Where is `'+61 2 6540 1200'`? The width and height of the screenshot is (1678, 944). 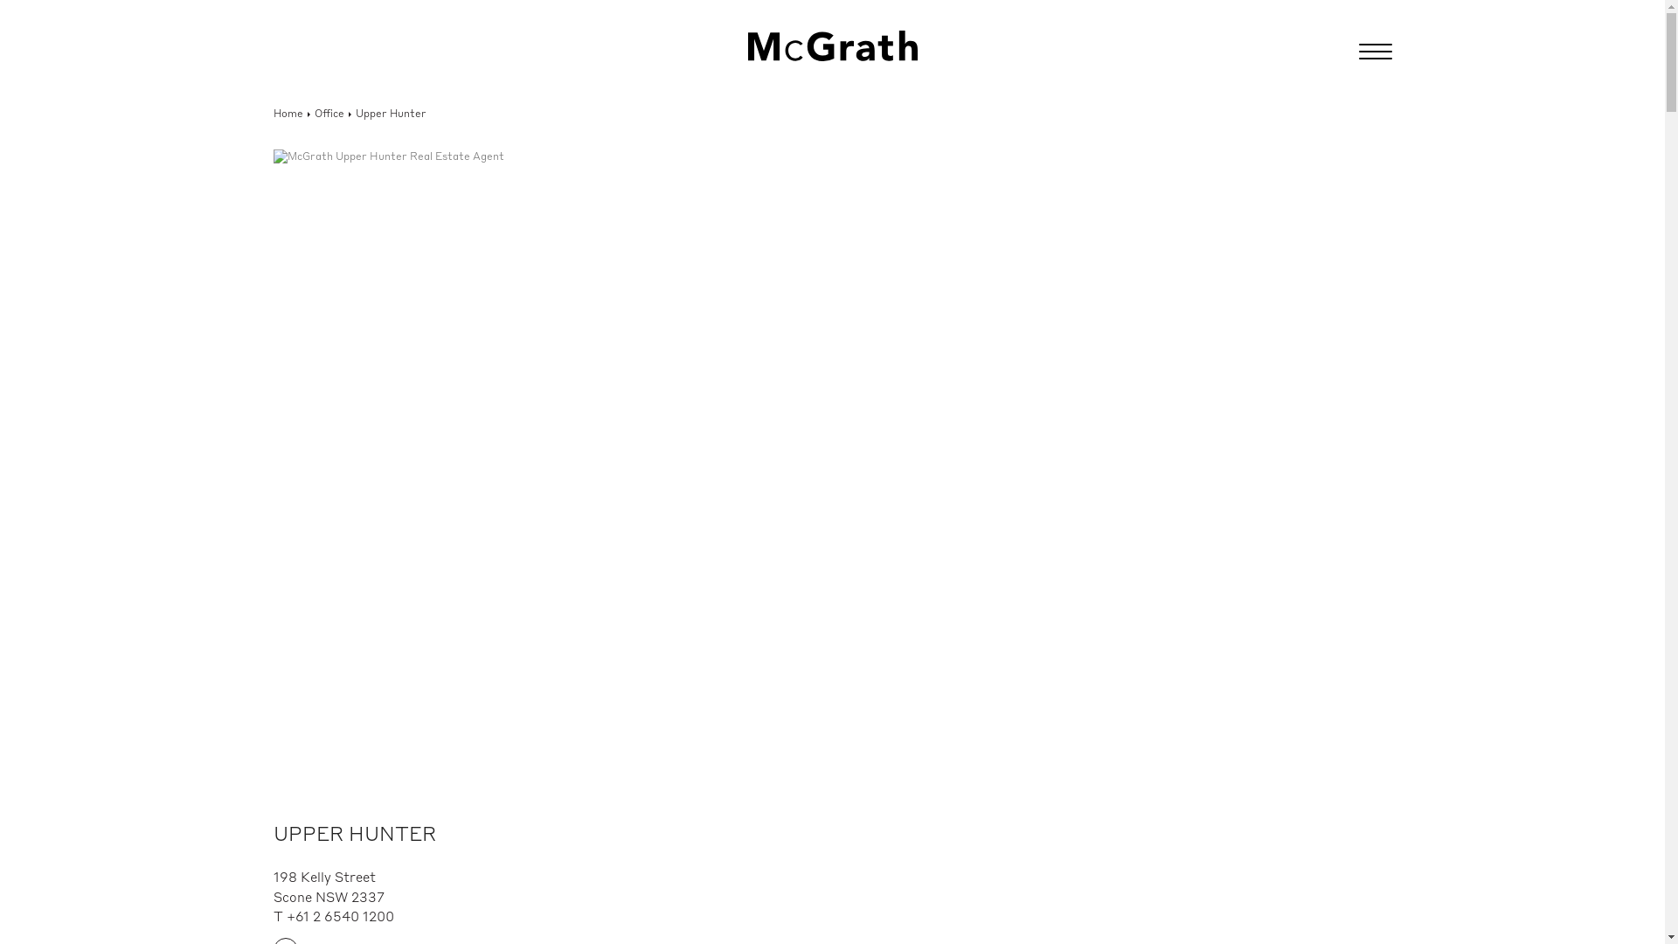 '+61 2 6540 1200' is located at coordinates (340, 917).